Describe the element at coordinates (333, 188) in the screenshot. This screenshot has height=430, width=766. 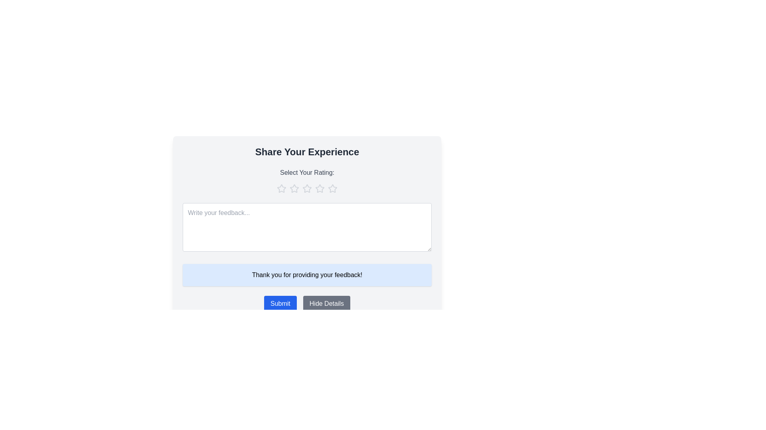
I see `the fifth star icon in the rating component` at that location.